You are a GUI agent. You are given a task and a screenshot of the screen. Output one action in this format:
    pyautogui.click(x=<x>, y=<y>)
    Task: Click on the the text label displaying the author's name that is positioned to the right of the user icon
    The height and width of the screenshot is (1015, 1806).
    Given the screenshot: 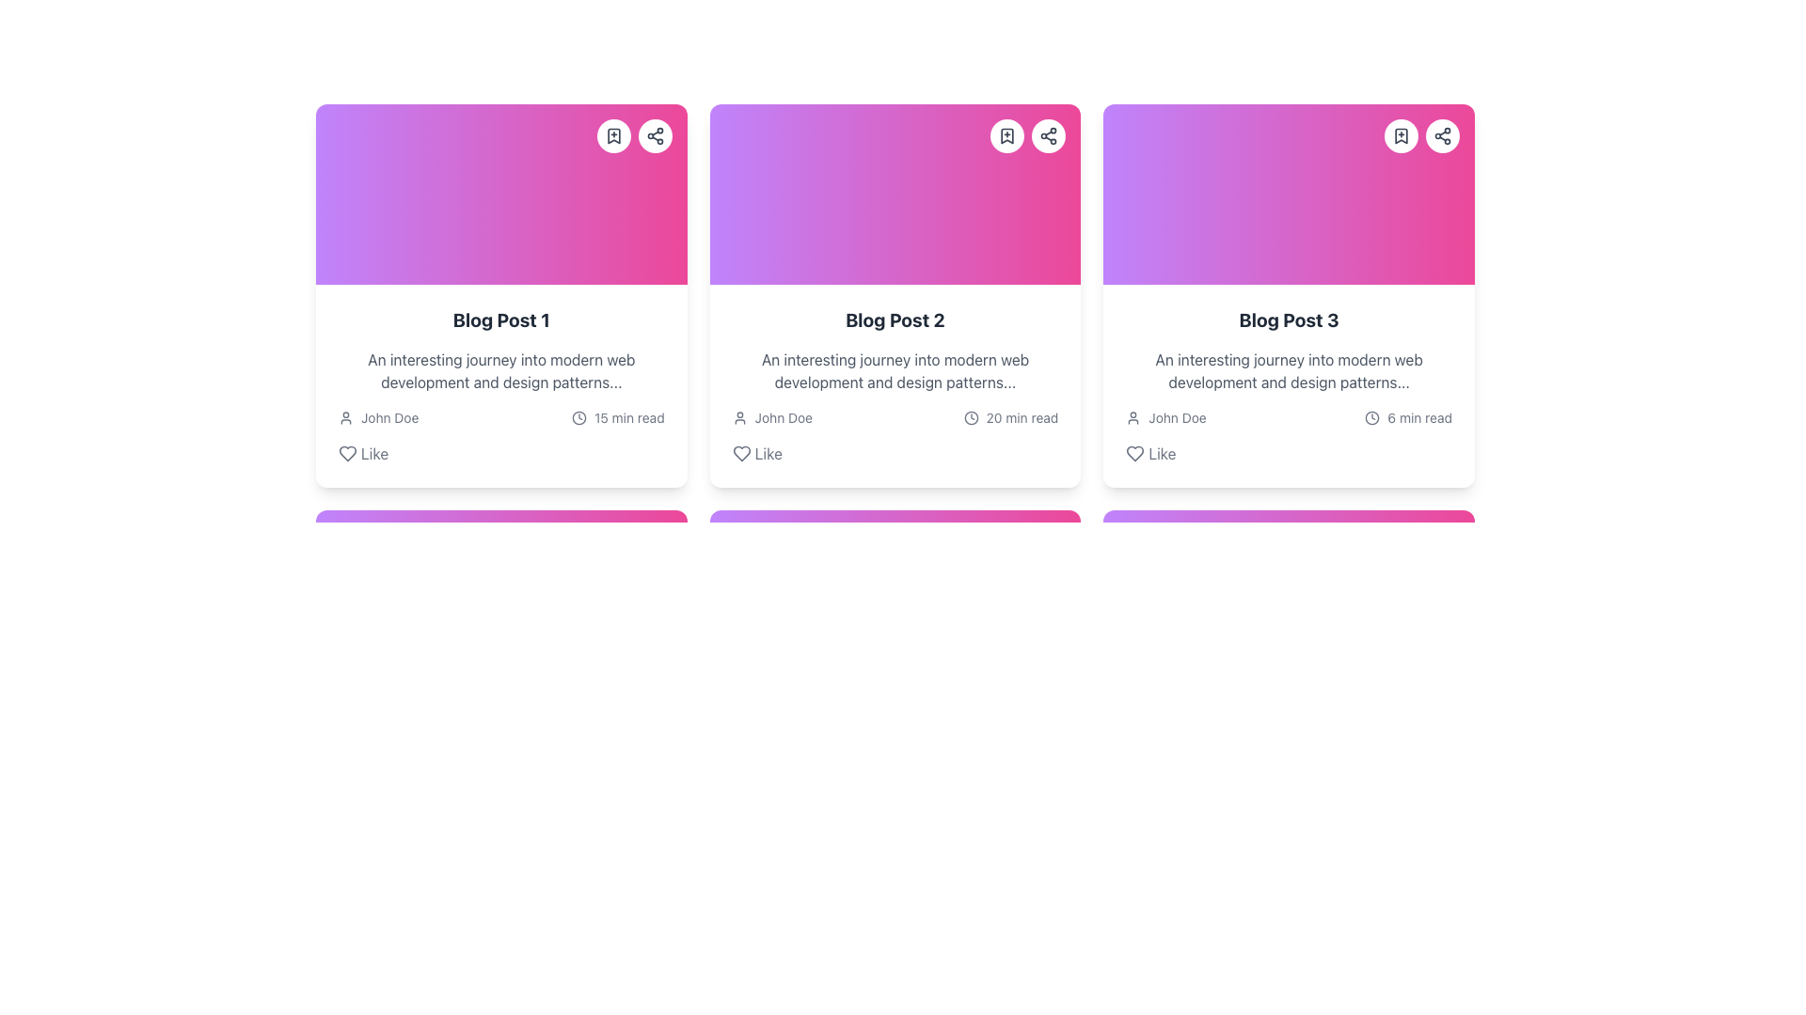 What is the action you would take?
    pyautogui.click(x=377, y=416)
    